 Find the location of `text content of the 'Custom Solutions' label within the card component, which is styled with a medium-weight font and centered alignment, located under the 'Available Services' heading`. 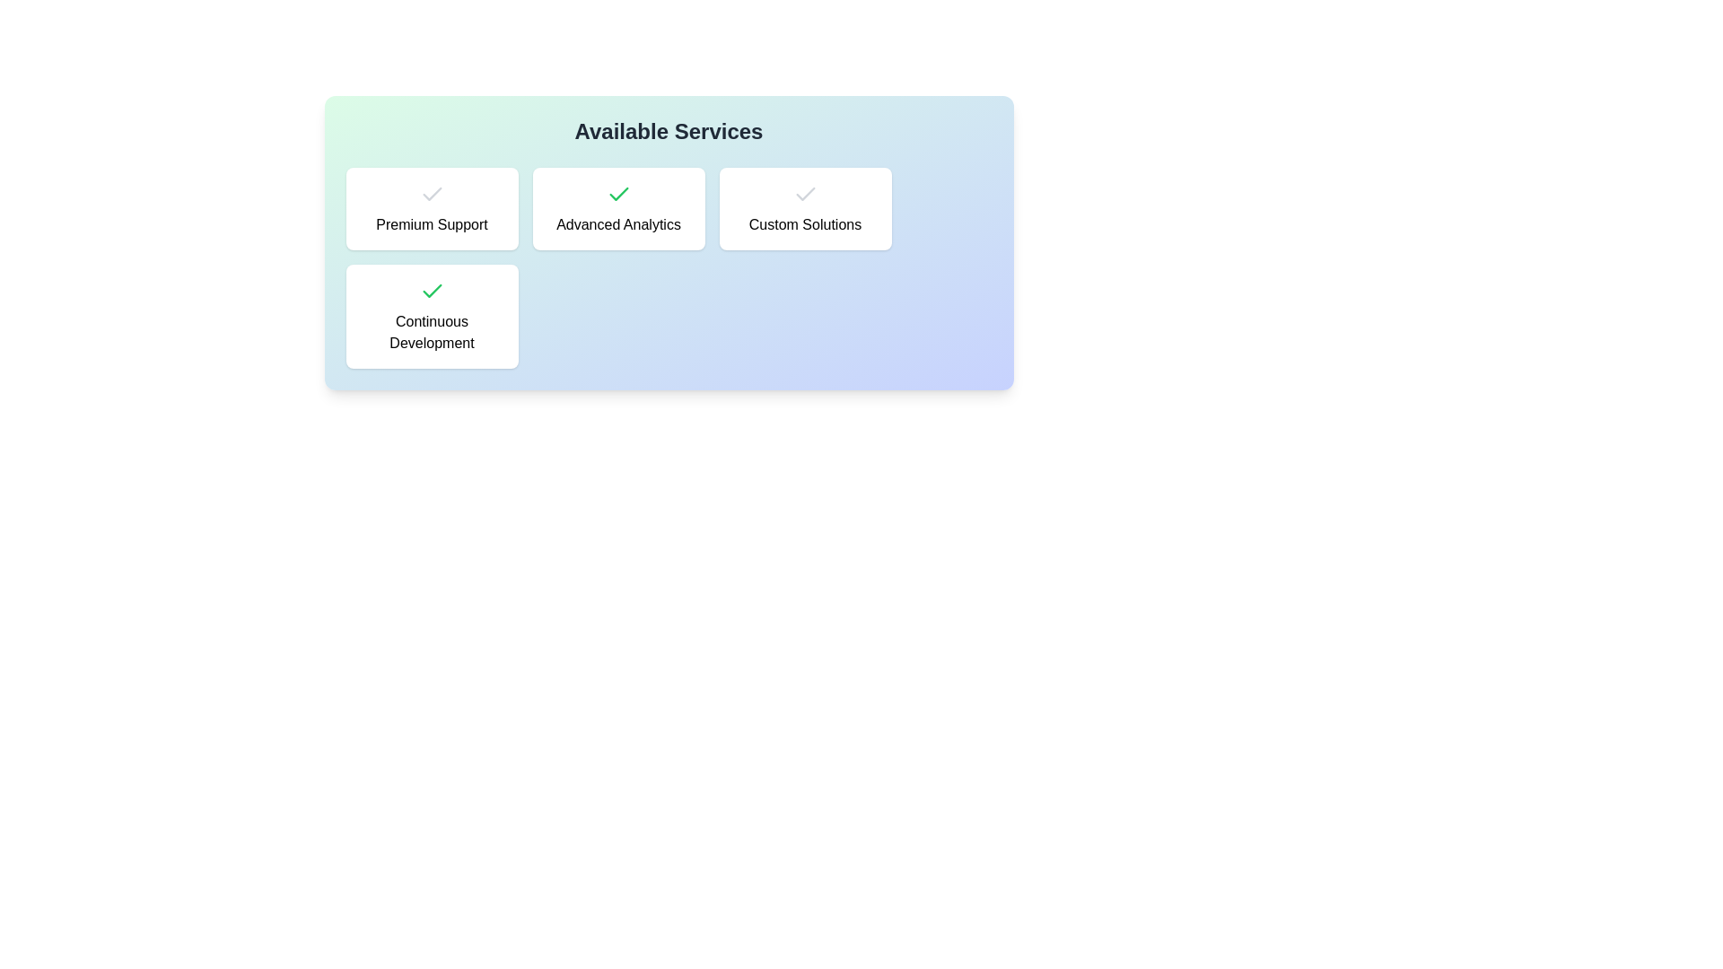

text content of the 'Custom Solutions' label within the card component, which is styled with a medium-weight font and centered alignment, located under the 'Available Services' heading is located at coordinates (804, 223).